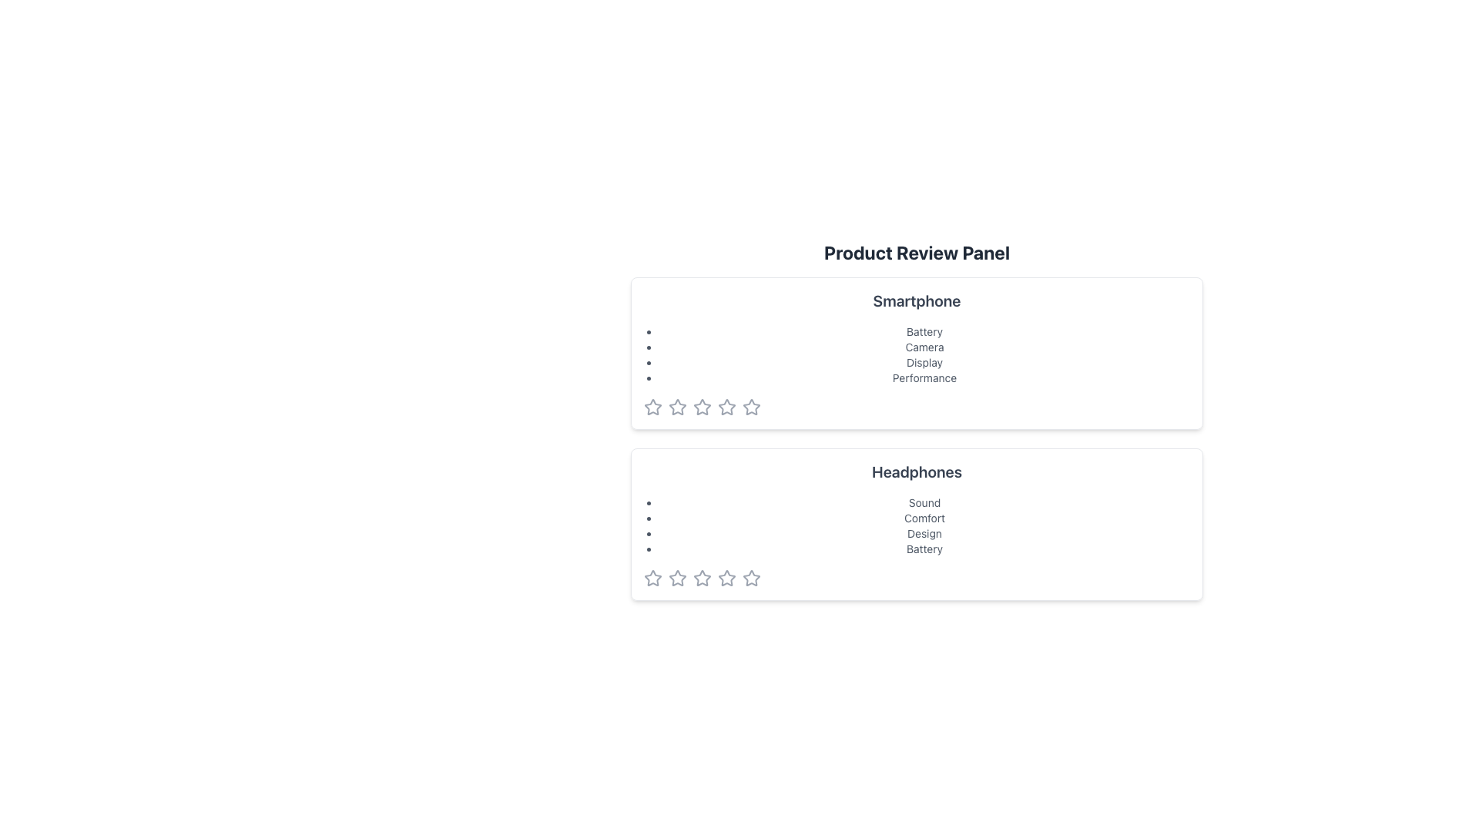 The image size is (1479, 832). What do you see at coordinates (653, 406) in the screenshot?
I see `the first star icon in the horizontal row of rating stars located at the bottom of the 'Smartphone' review card` at bounding box center [653, 406].